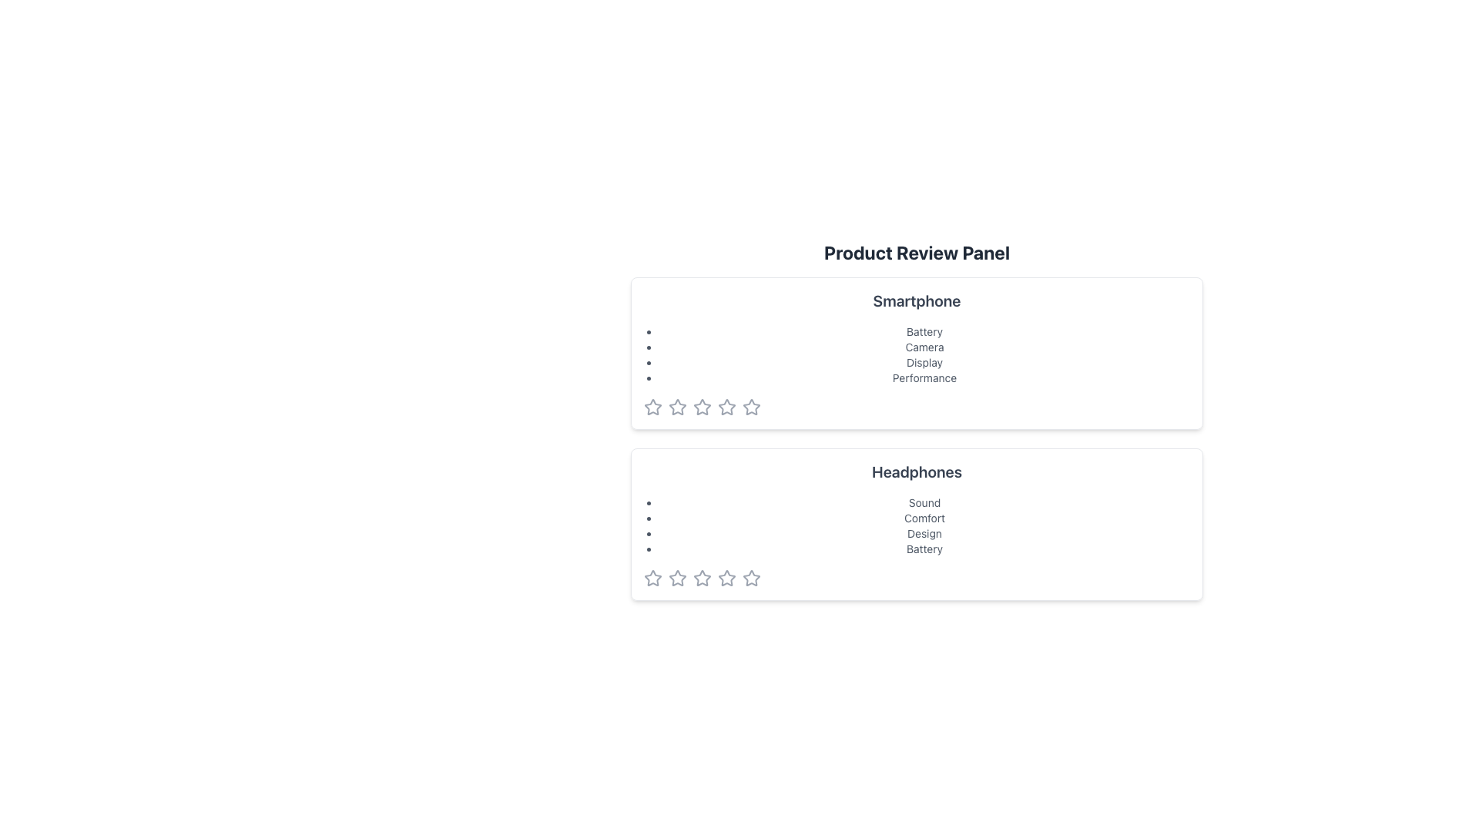 The image size is (1479, 832). What do you see at coordinates (653, 406) in the screenshot?
I see `the first star icon in the horizontal row of rating stars located at the bottom of the 'Smartphone' review card` at bounding box center [653, 406].